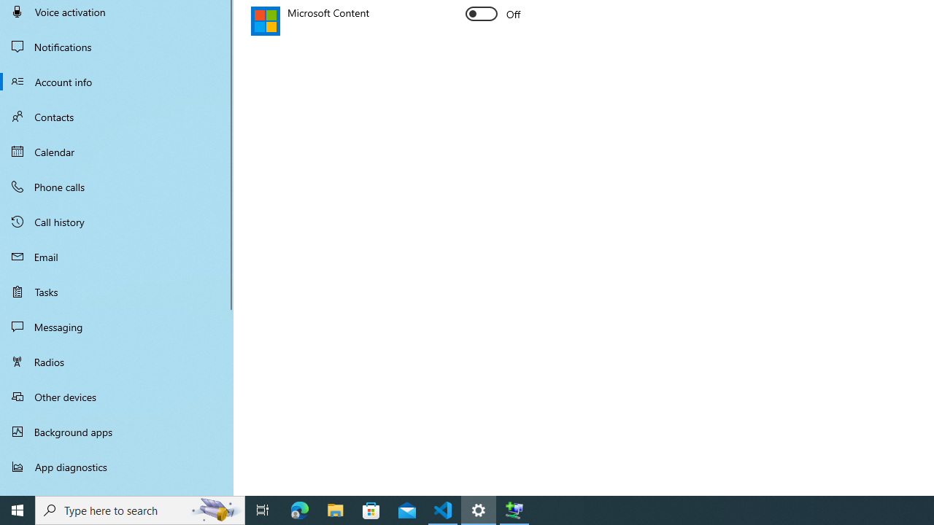  Describe the element at coordinates (335, 509) in the screenshot. I see `'File Explorer'` at that location.